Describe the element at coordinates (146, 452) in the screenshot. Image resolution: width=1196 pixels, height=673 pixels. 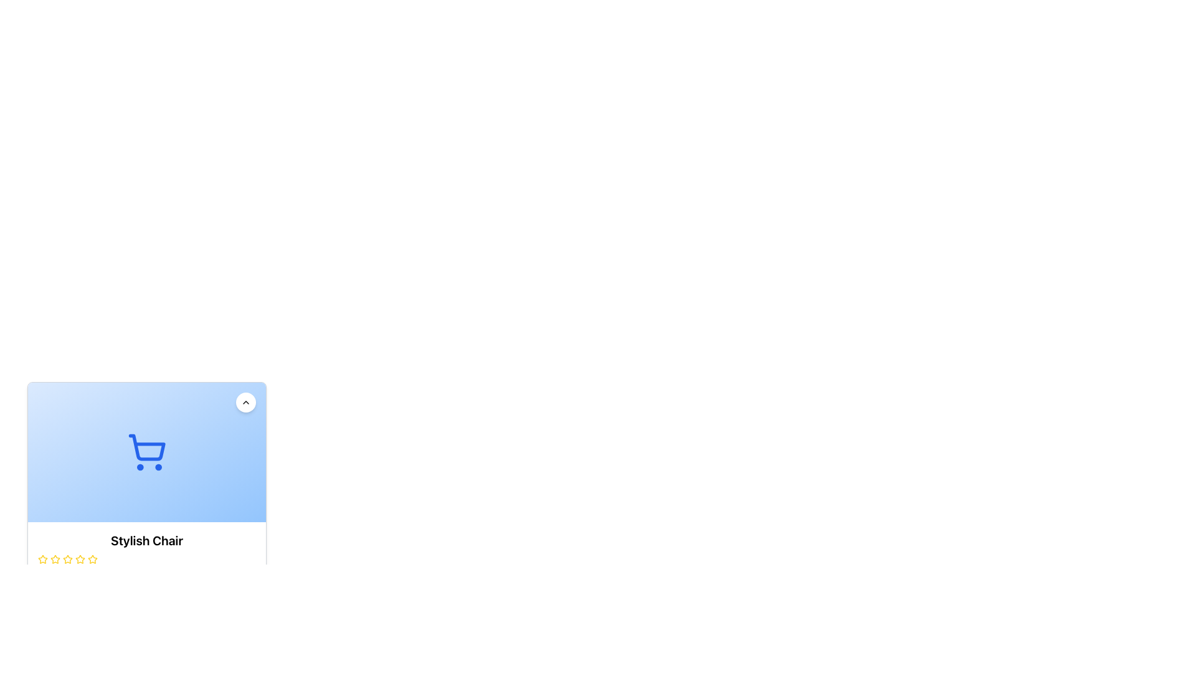
I see `the blue shopping cart icon which is centrally located within the gradient background of the product card` at that location.